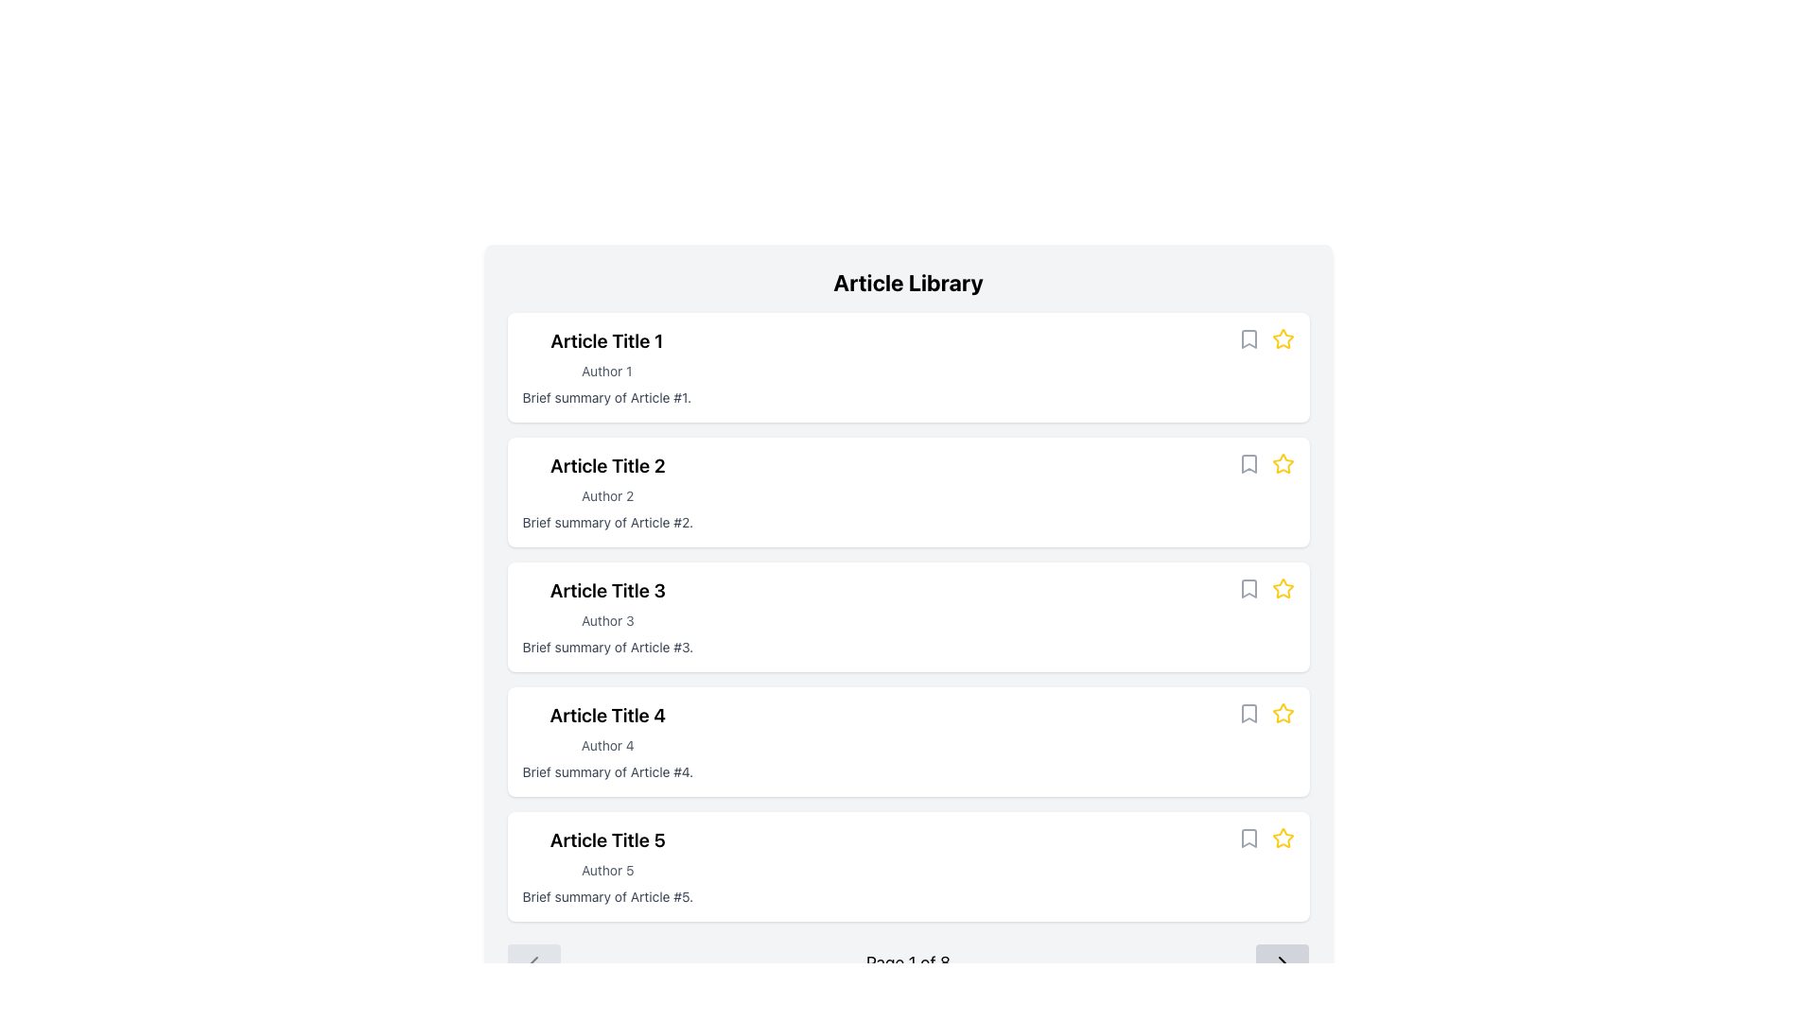 The width and height of the screenshot is (1816, 1021). Describe the element at coordinates (607, 772) in the screenshot. I see `and copy the text summarizing the content of the fourth article in the list, located directly below 'Author 4' and 'Article Title 4'` at that location.